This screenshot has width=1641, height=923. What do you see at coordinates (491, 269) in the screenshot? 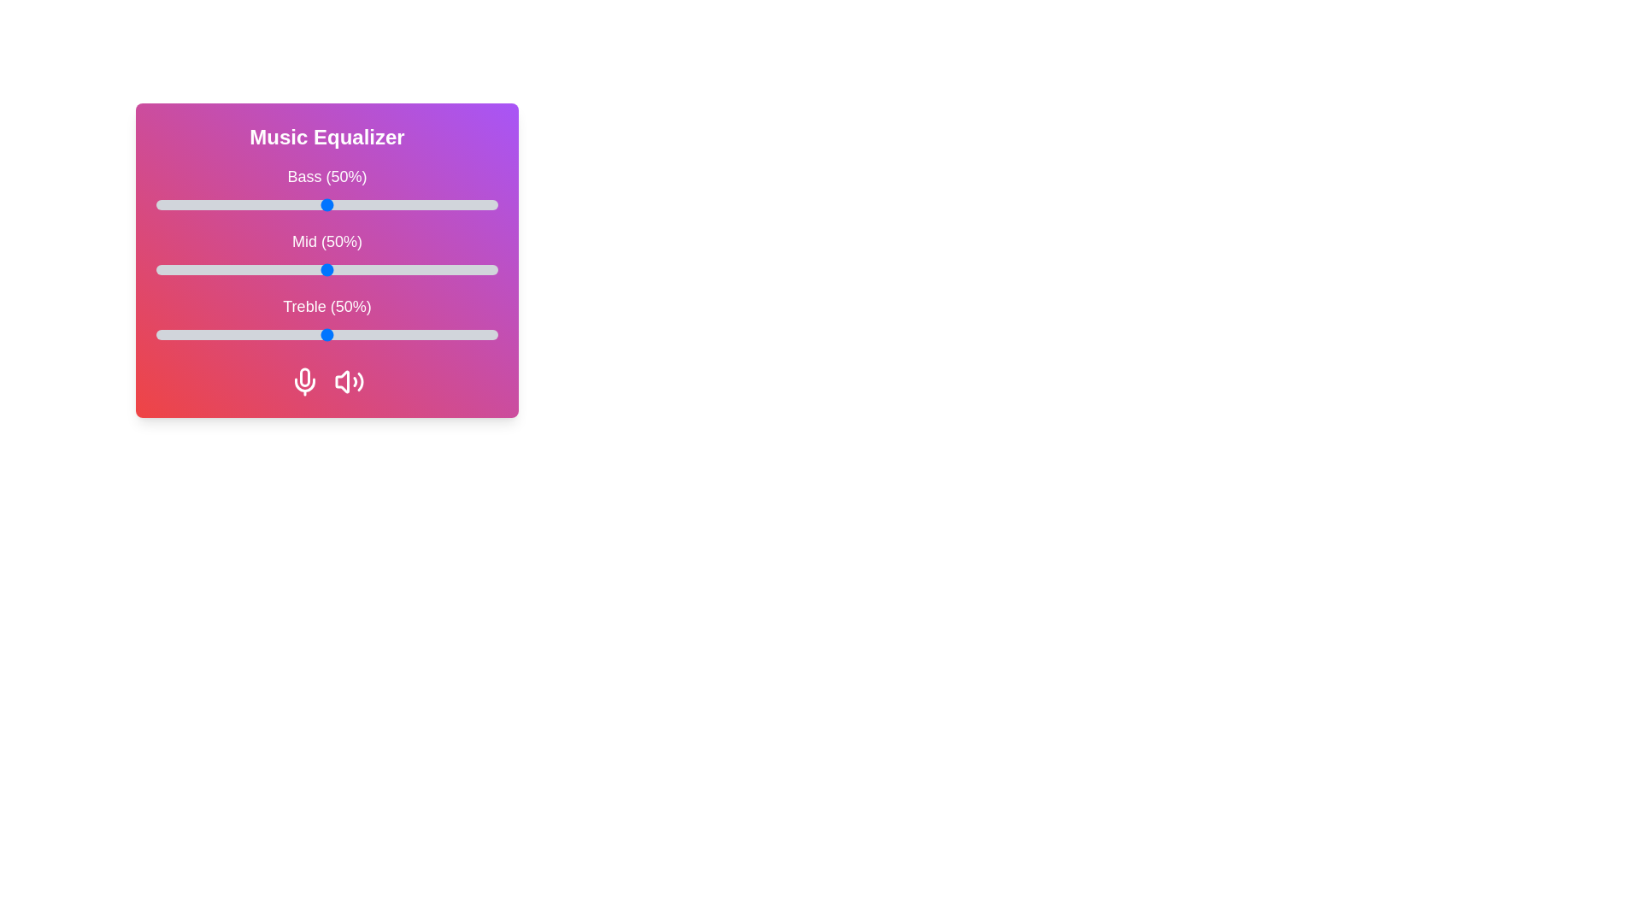
I see `the 1 slider to 98%` at bounding box center [491, 269].